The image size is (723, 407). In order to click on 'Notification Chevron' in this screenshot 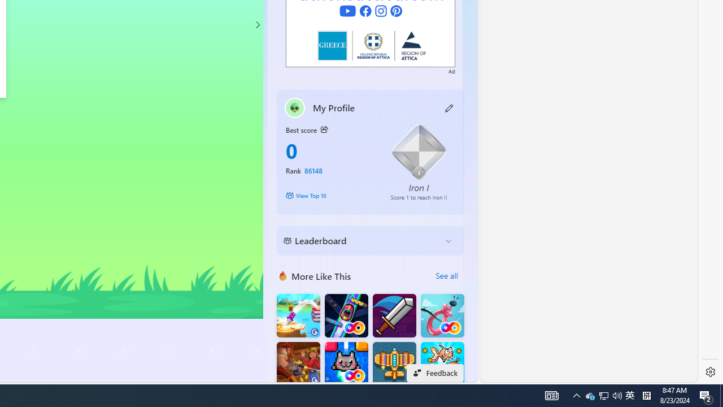, I will do `click(576, 395)`.